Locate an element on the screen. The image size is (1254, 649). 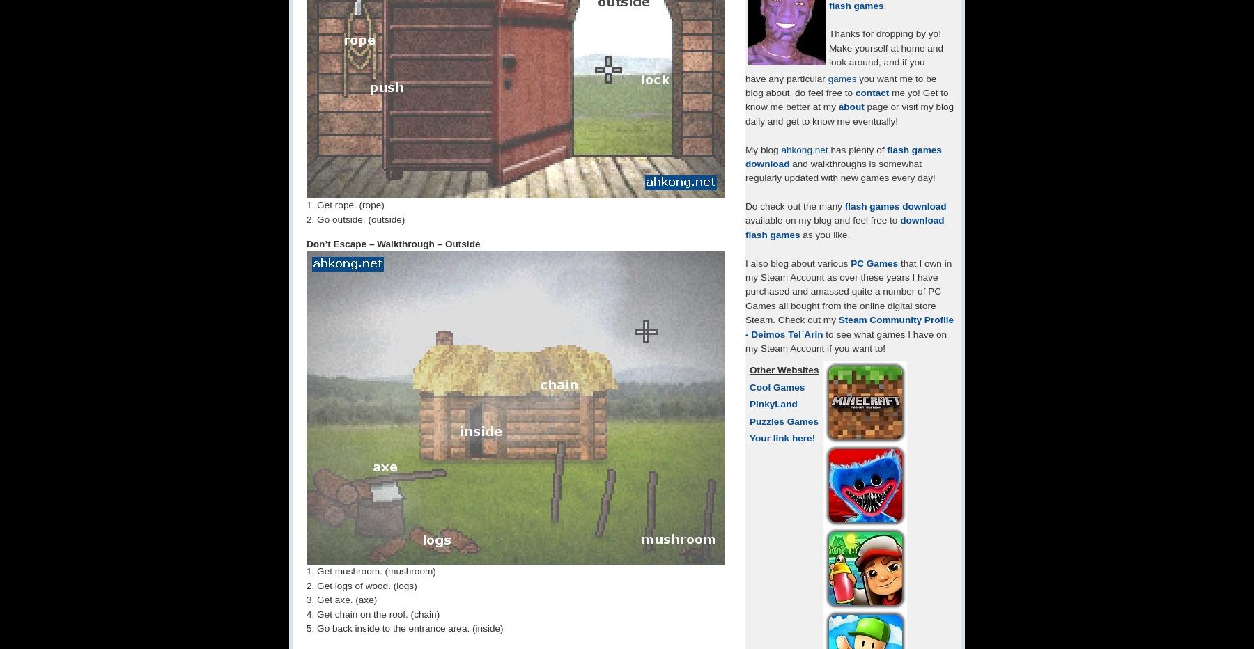
'PinkyLand' is located at coordinates (750, 404).